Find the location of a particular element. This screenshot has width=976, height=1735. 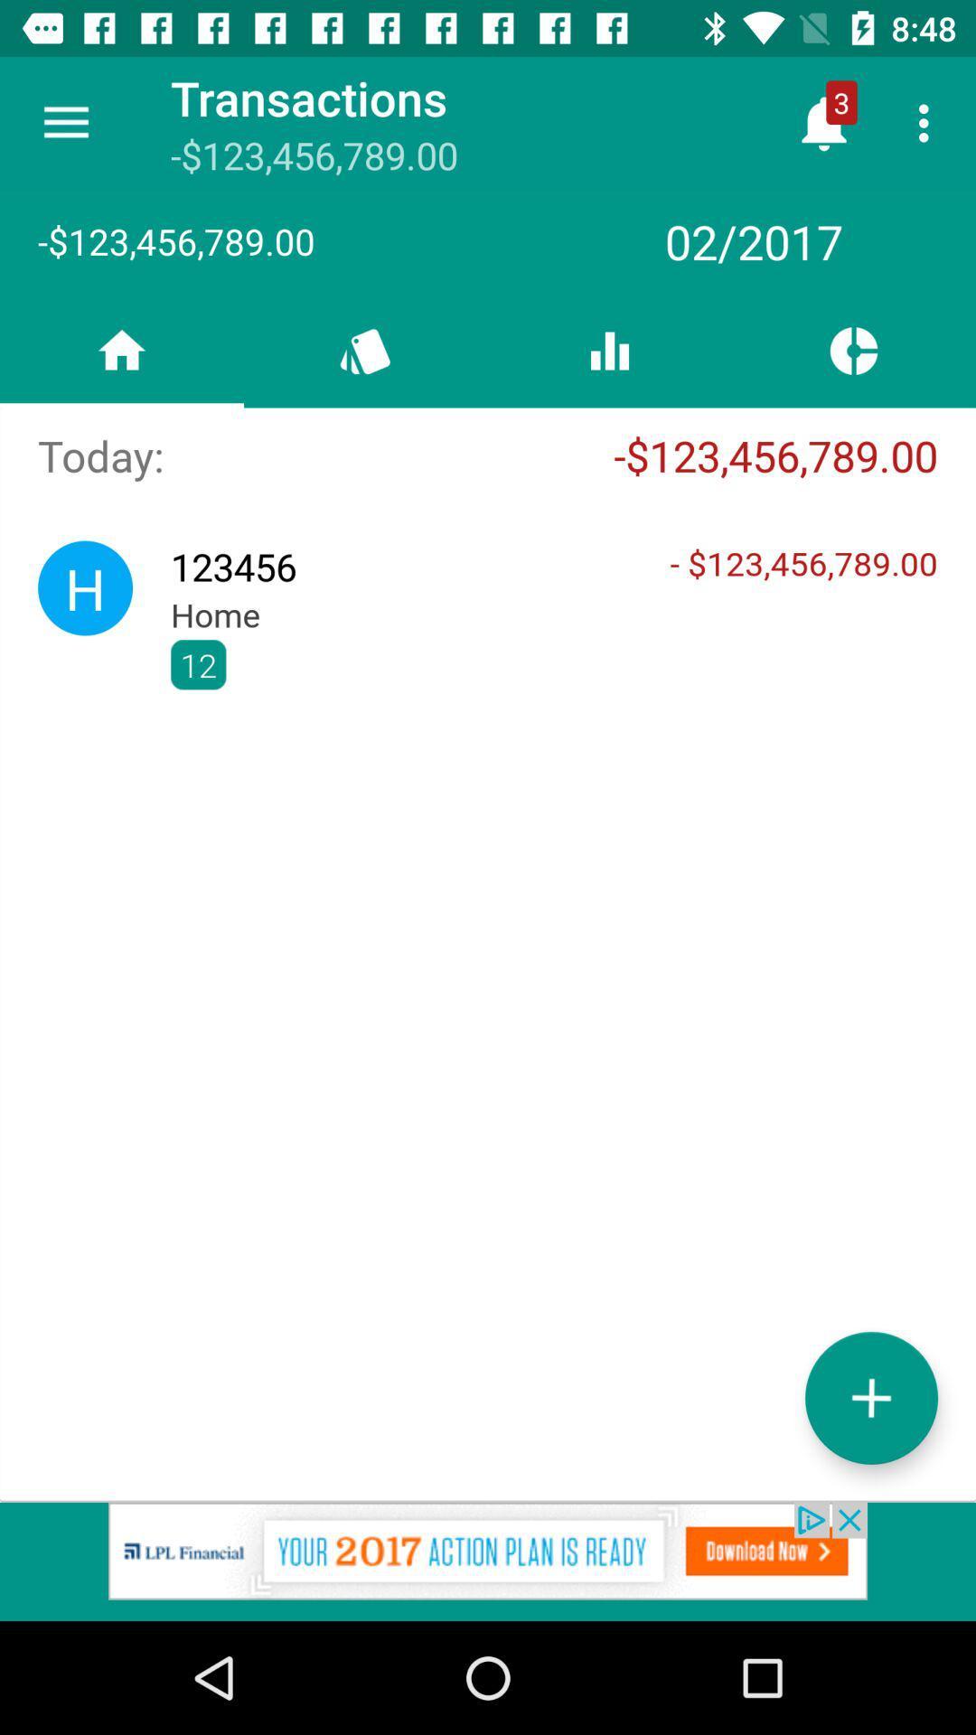

item to the left of transactions is located at coordinates (65, 122).